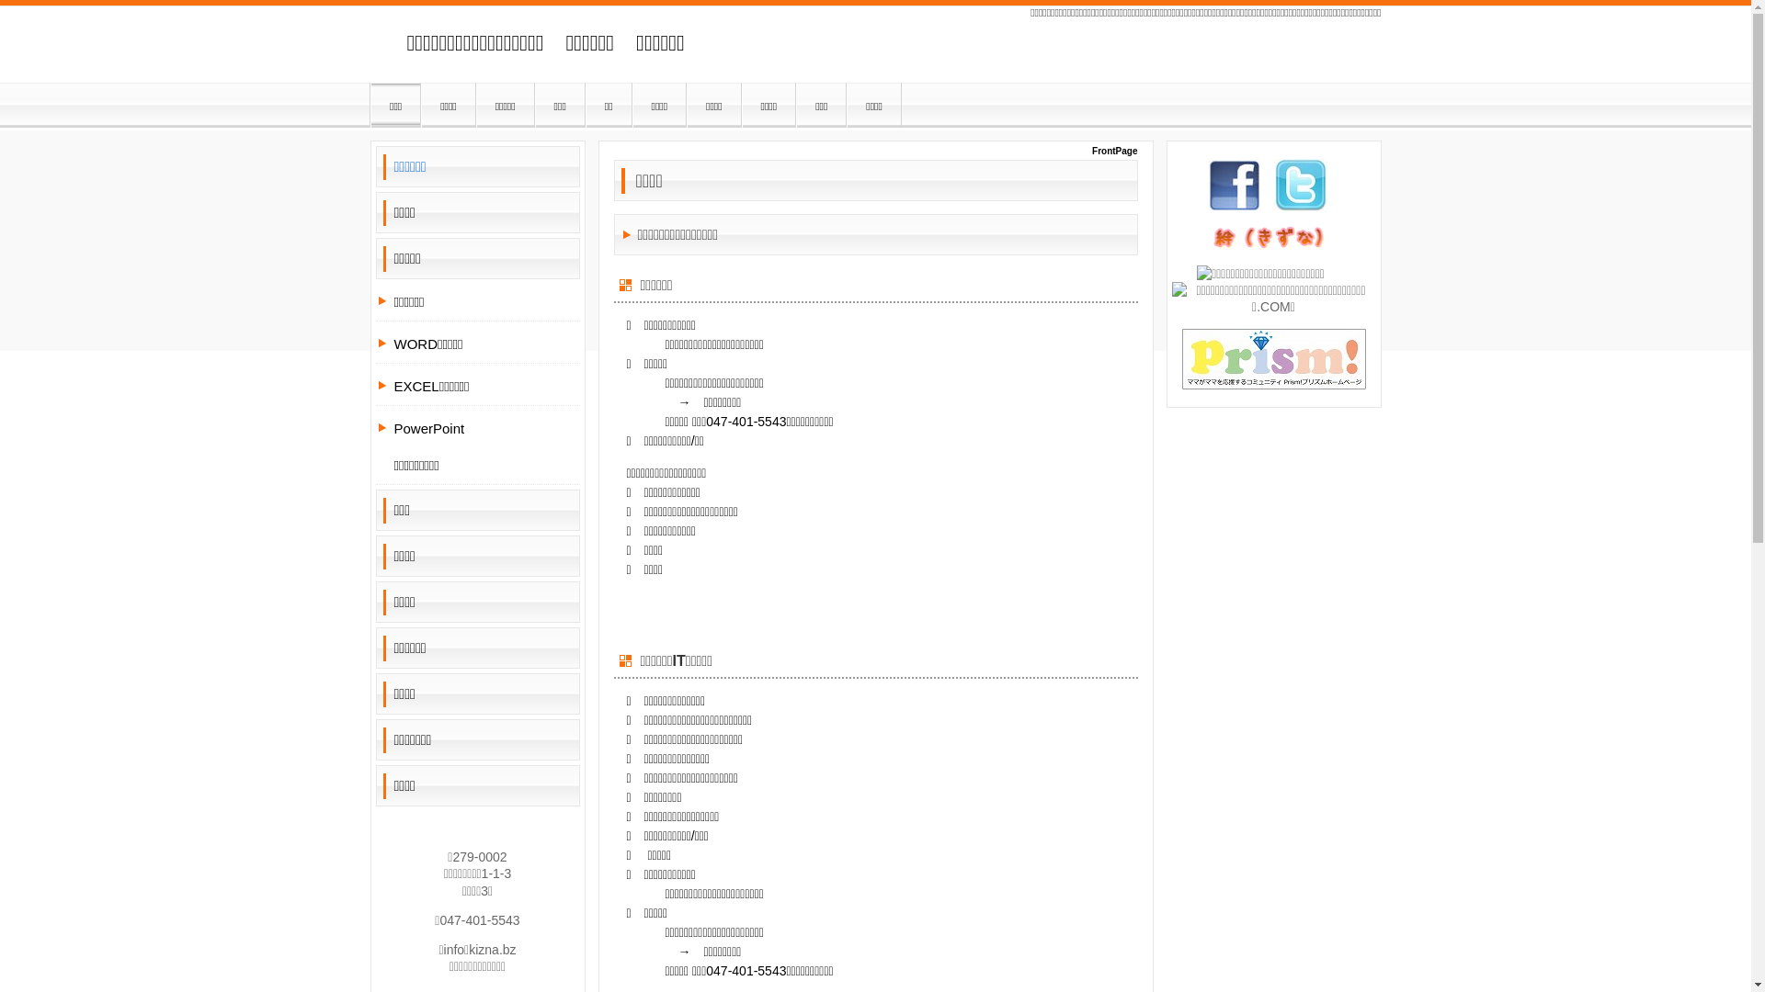  What do you see at coordinates (1235, 185) in the screenshot?
I see `'fb'` at bounding box center [1235, 185].